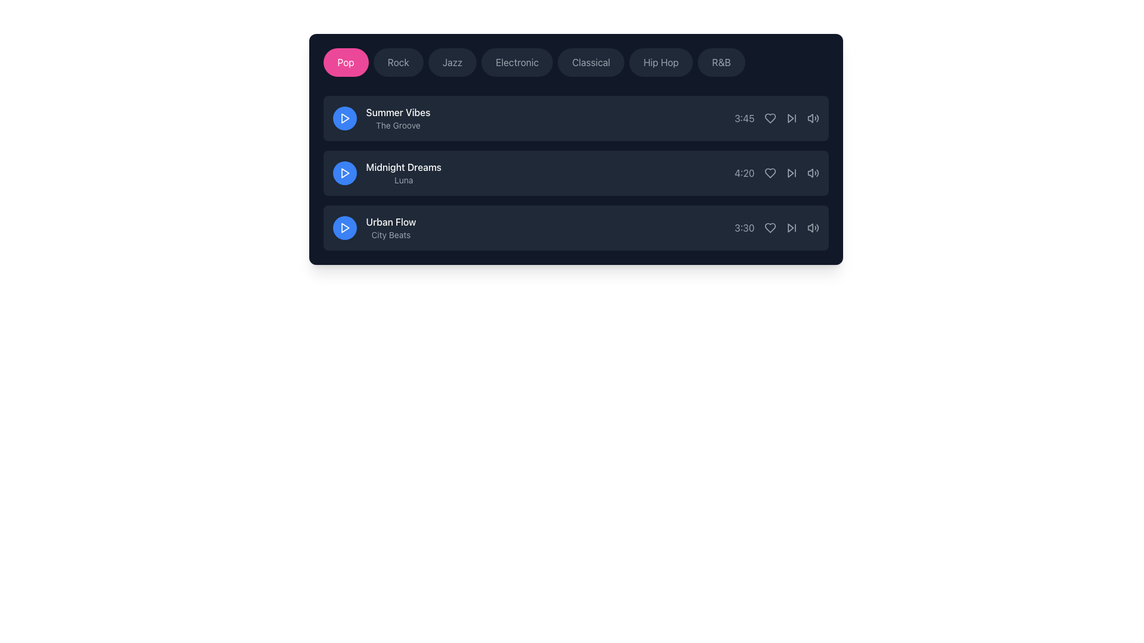 Image resolution: width=1144 pixels, height=643 pixels. What do you see at coordinates (812, 173) in the screenshot?
I see `the interactive volume control icon resembling a speaker emitting sound waves to mute or unmute the audio in the 'Midnight Dreams' track row` at bounding box center [812, 173].